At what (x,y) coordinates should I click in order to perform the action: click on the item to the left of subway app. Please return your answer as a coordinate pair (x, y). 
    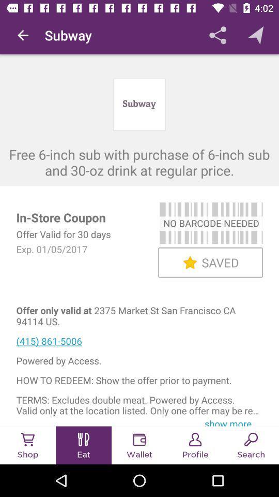
    Looking at the image, I should click on (23, 35).